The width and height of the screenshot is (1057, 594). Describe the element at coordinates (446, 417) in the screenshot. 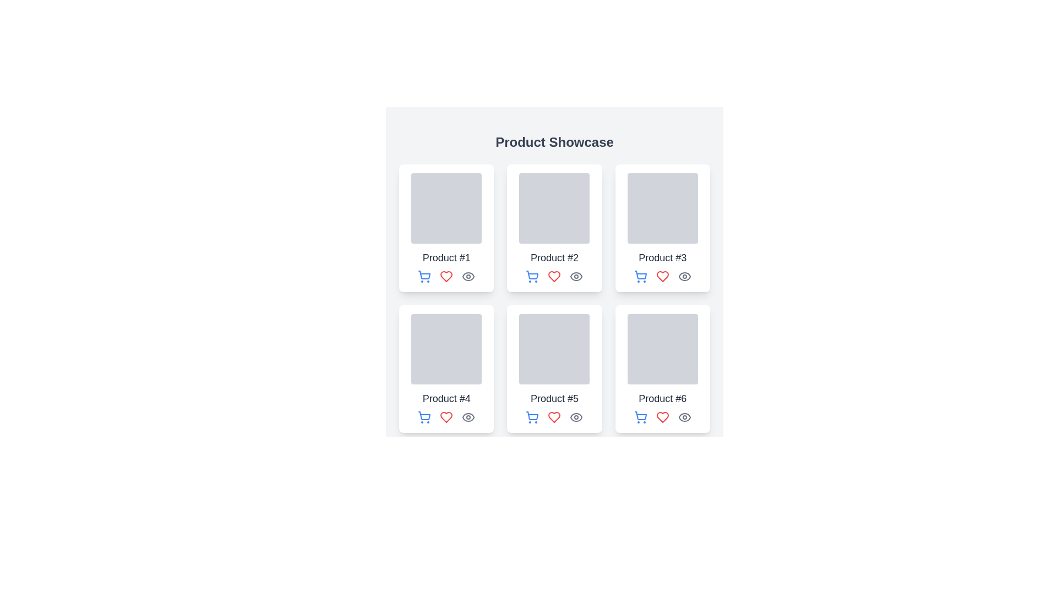

I see `the heart-shaped icon representing 'favorite' functionality located in the Product #4 card to trigger a tooltip or animation` at that location.